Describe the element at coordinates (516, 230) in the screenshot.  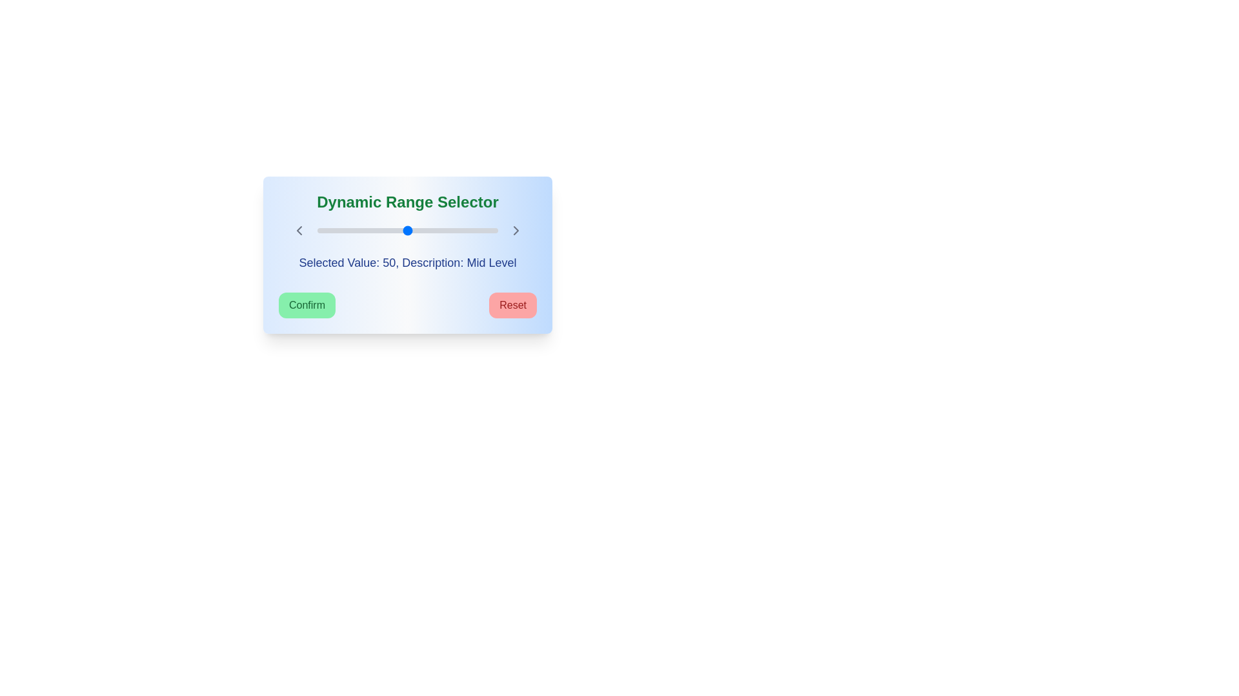
I see `the navigation button located on the rightmost side of the horizontal layout to advance or proceed, typically associated with sliders or carousels` at that location.